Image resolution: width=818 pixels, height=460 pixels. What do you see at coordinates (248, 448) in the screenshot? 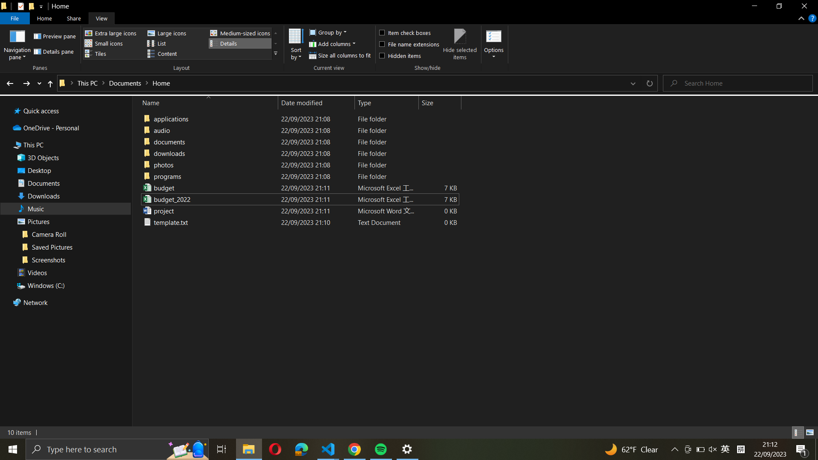
I see `Use the icon to reduce the window size` at bounding box center [248, 448].